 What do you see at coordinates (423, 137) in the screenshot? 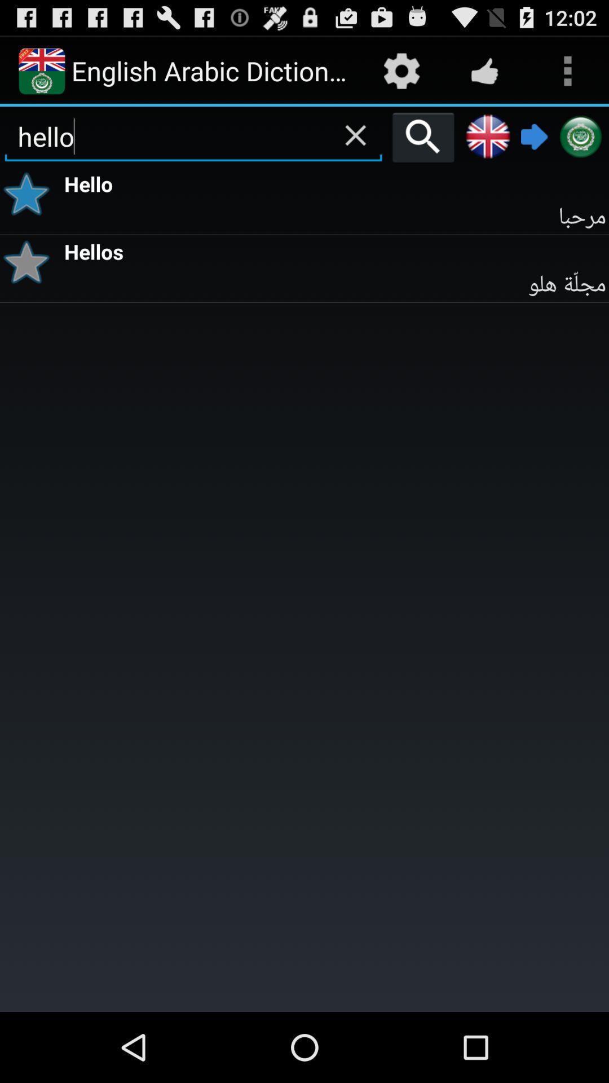
I see `search` at bounding box center [423, 137].